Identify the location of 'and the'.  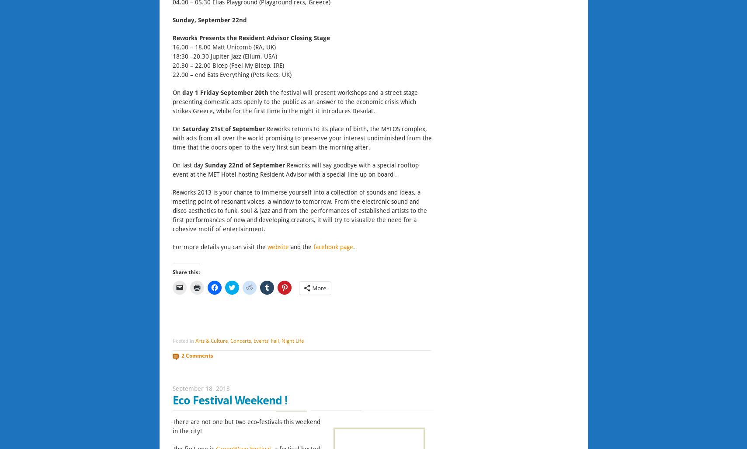
(301, 246).